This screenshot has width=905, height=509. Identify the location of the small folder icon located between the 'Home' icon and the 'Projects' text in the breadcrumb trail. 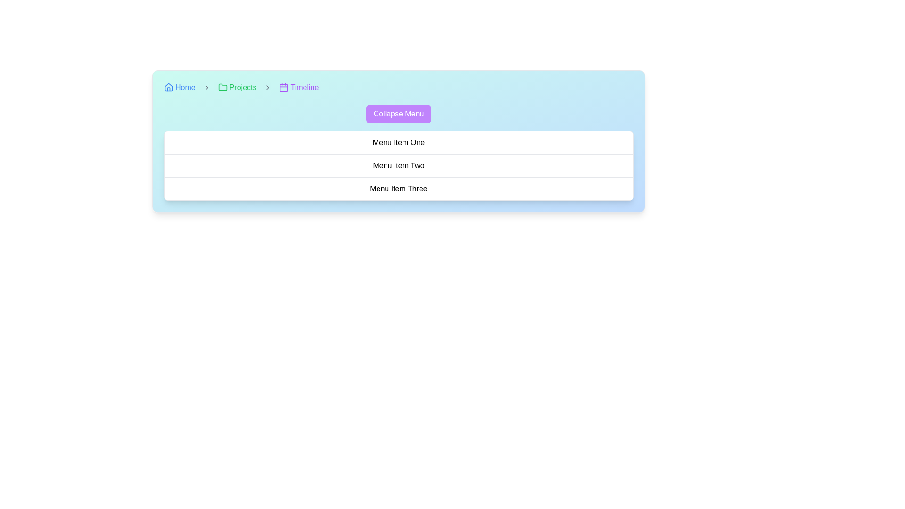
(222, 87).